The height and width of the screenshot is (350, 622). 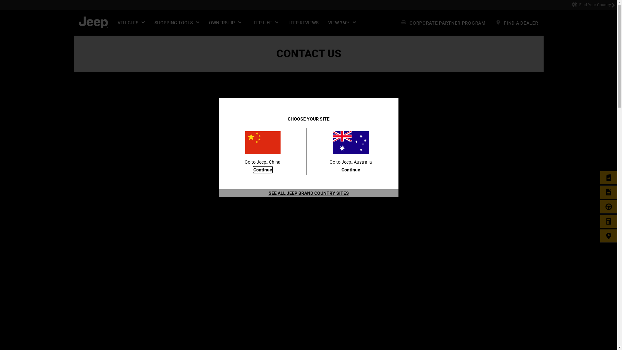 I want to click on 'FIND A DEALER', so click(x=517, y=22).